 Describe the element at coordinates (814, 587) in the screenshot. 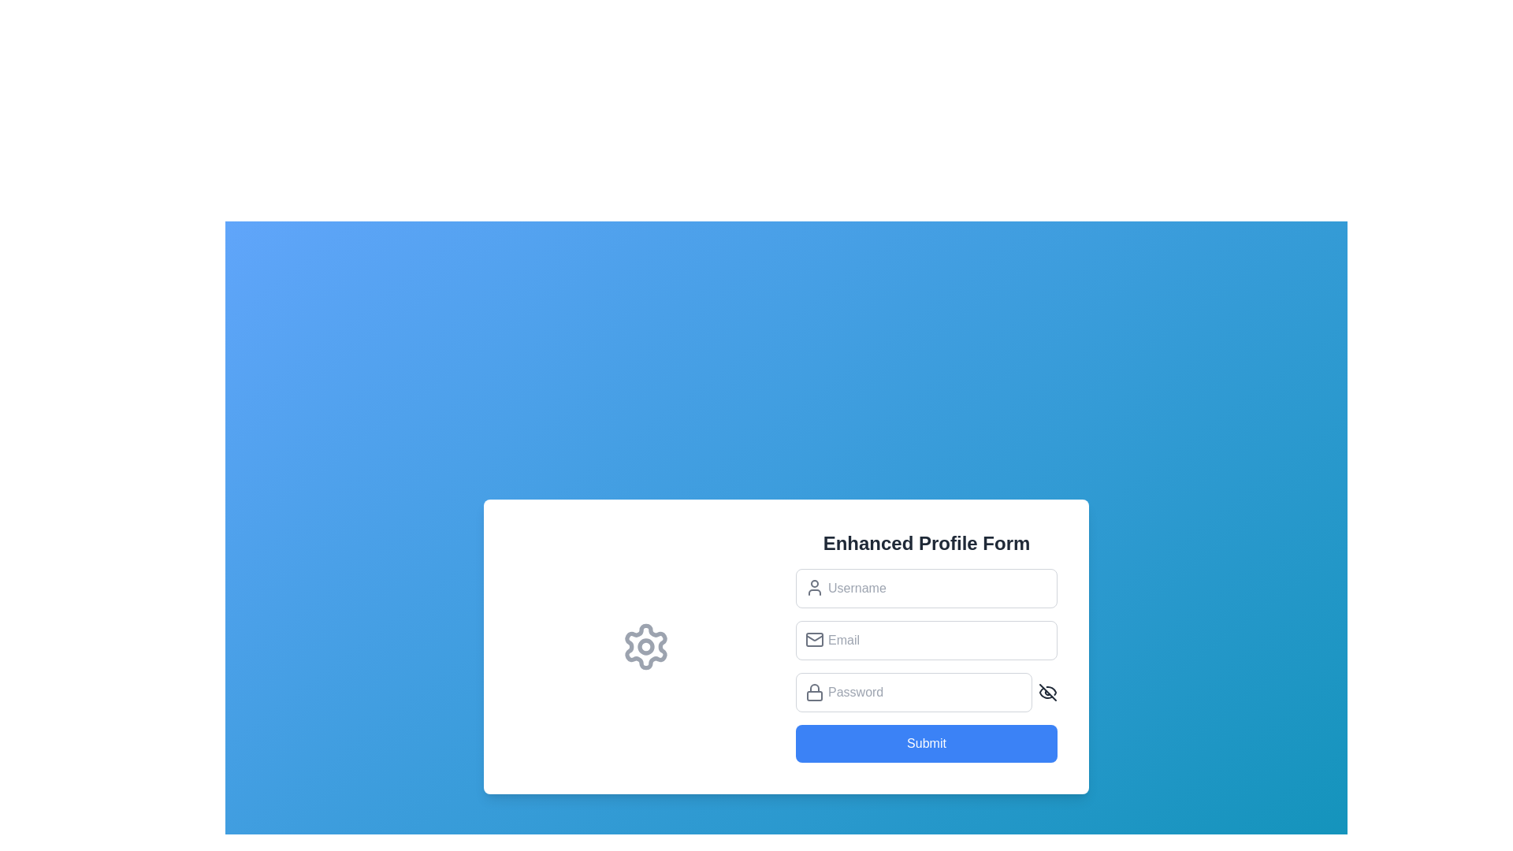

I see `the user/profile icon located inside the 'Username' input field of the 'Enhanced Profile Form', which serves as an indicator for the username input` at that location.